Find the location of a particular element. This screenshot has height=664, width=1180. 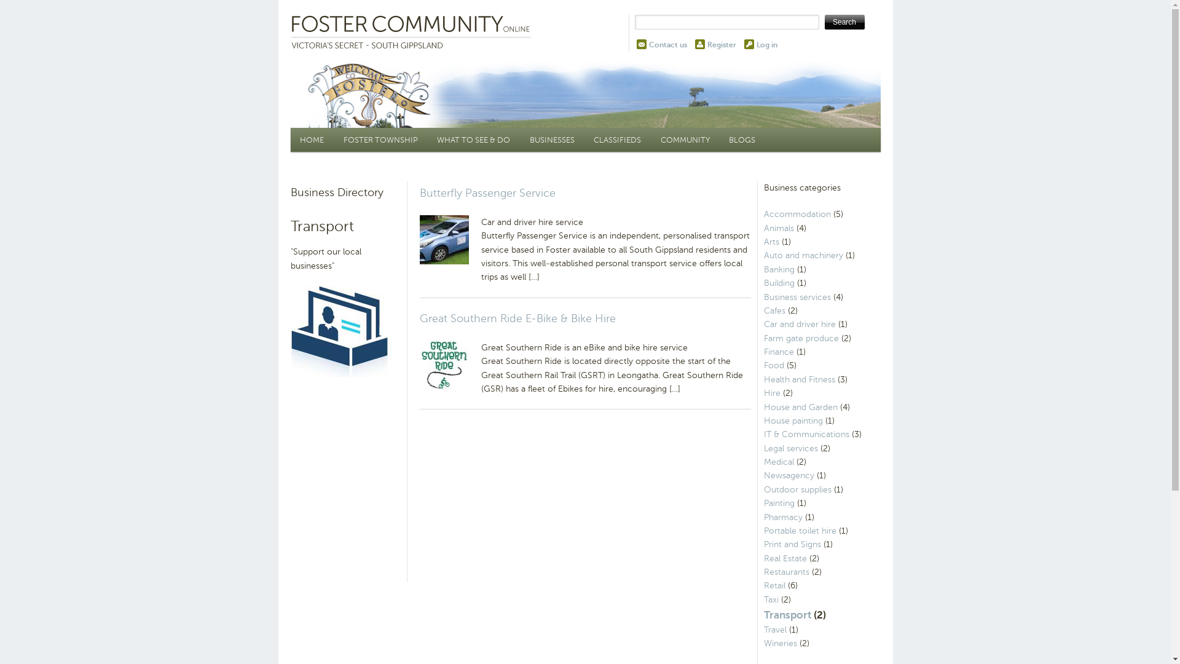

'IT & Communications' is located at coordinates (806, 433).